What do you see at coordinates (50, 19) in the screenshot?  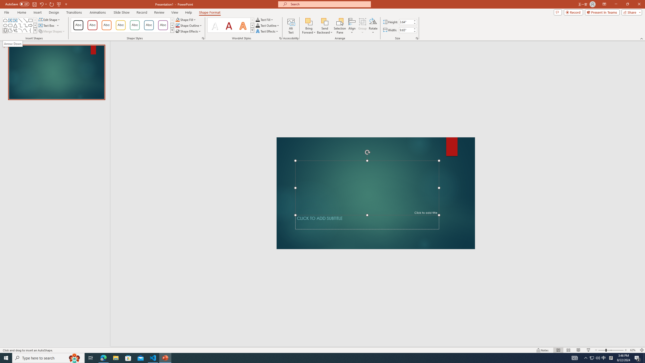 I see `'Edit Shape'` at bounding box center [50, 19].